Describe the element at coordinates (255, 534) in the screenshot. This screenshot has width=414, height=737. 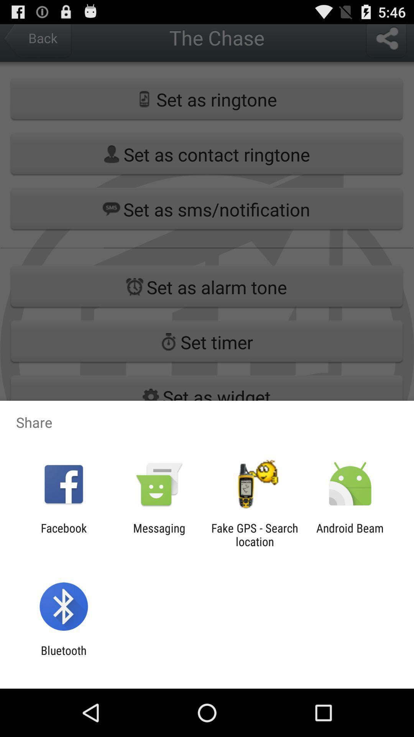
I see `the item to the left of android beam icon` at that location.